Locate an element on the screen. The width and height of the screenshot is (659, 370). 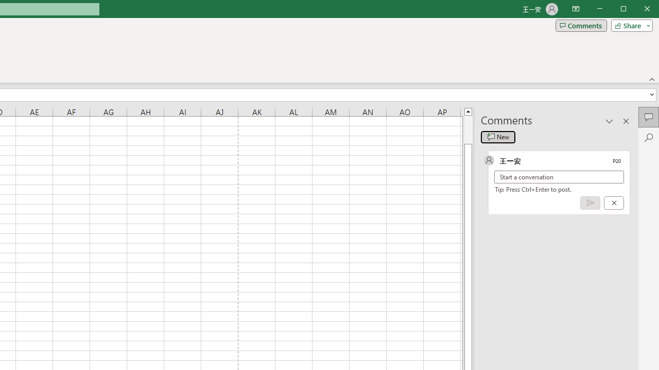
'Maximize' is located at coordinates (637, 10).